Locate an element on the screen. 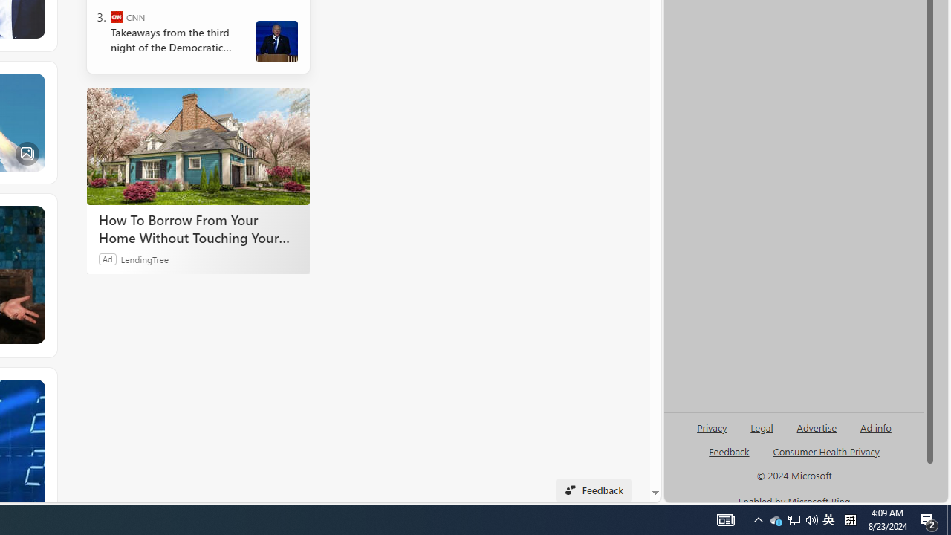 This screenshot has width=951, height=535. 'CNN' is located at coordinates (115, 17).